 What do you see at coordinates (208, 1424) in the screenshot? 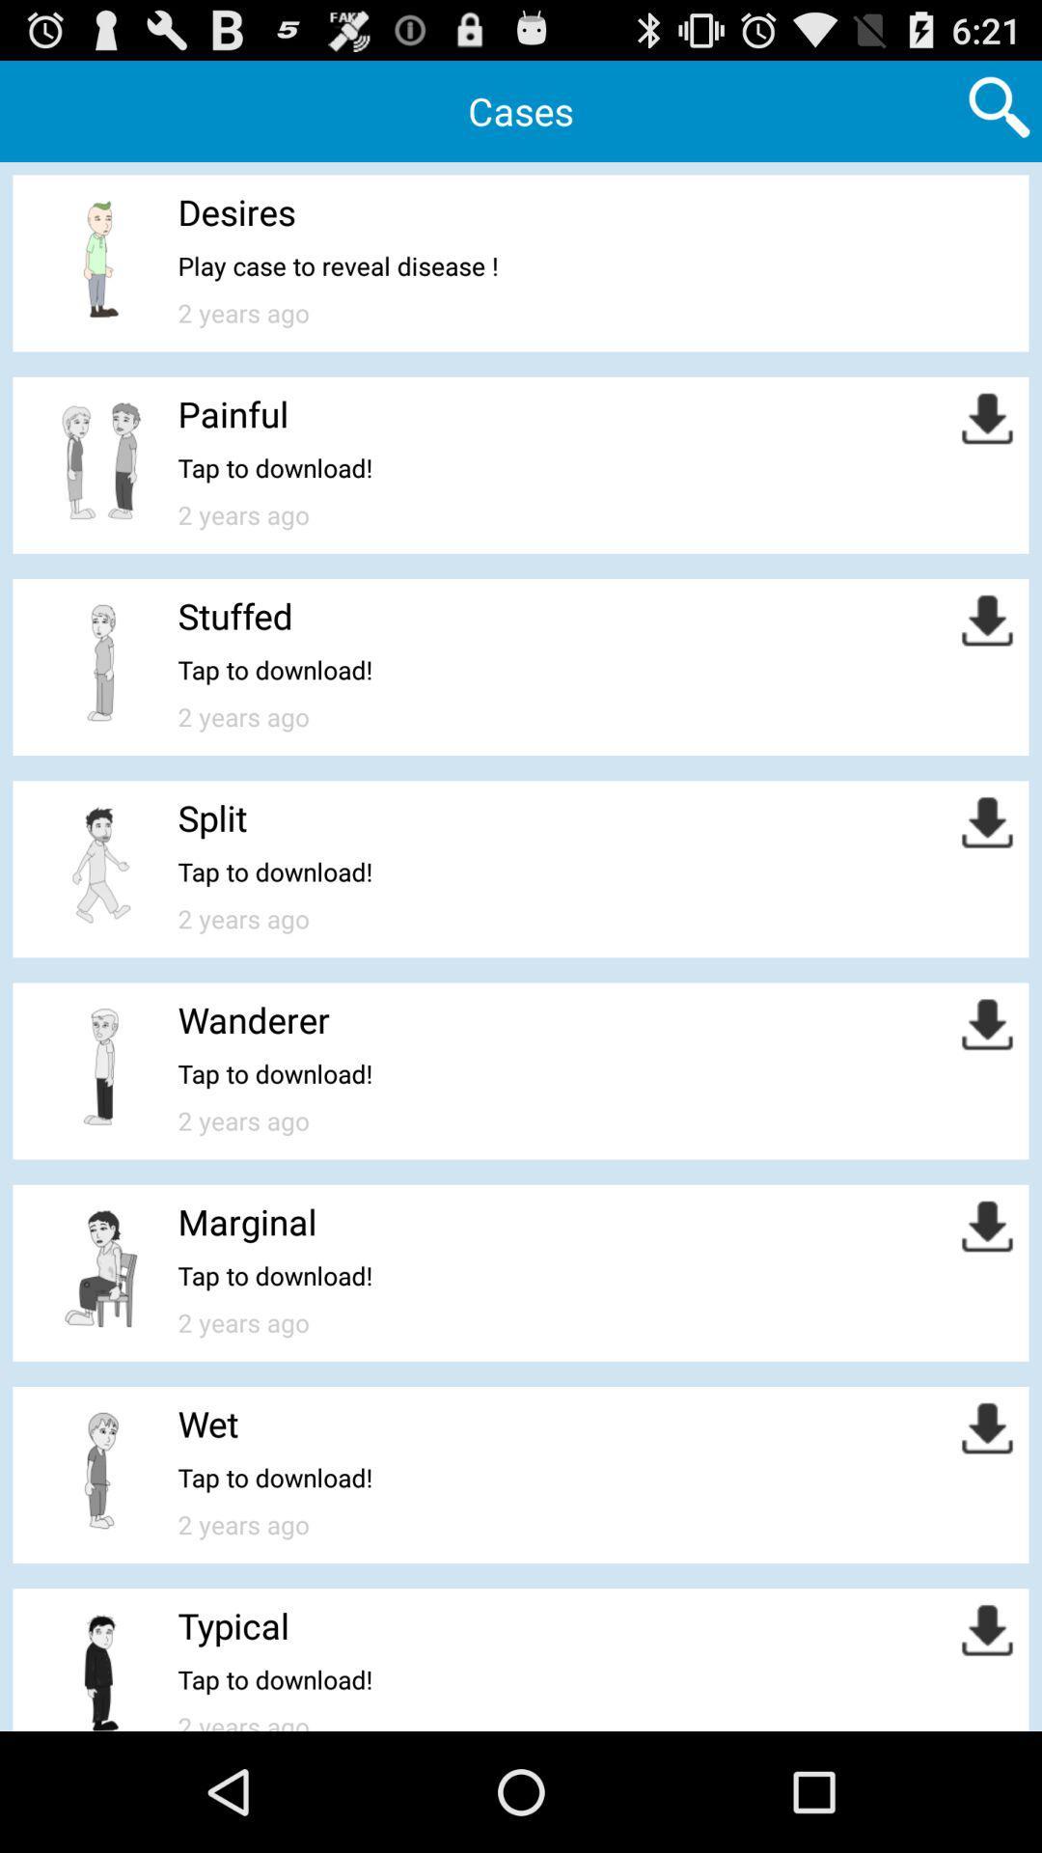
I see `the wet item` at bounding box center [208, 1424].